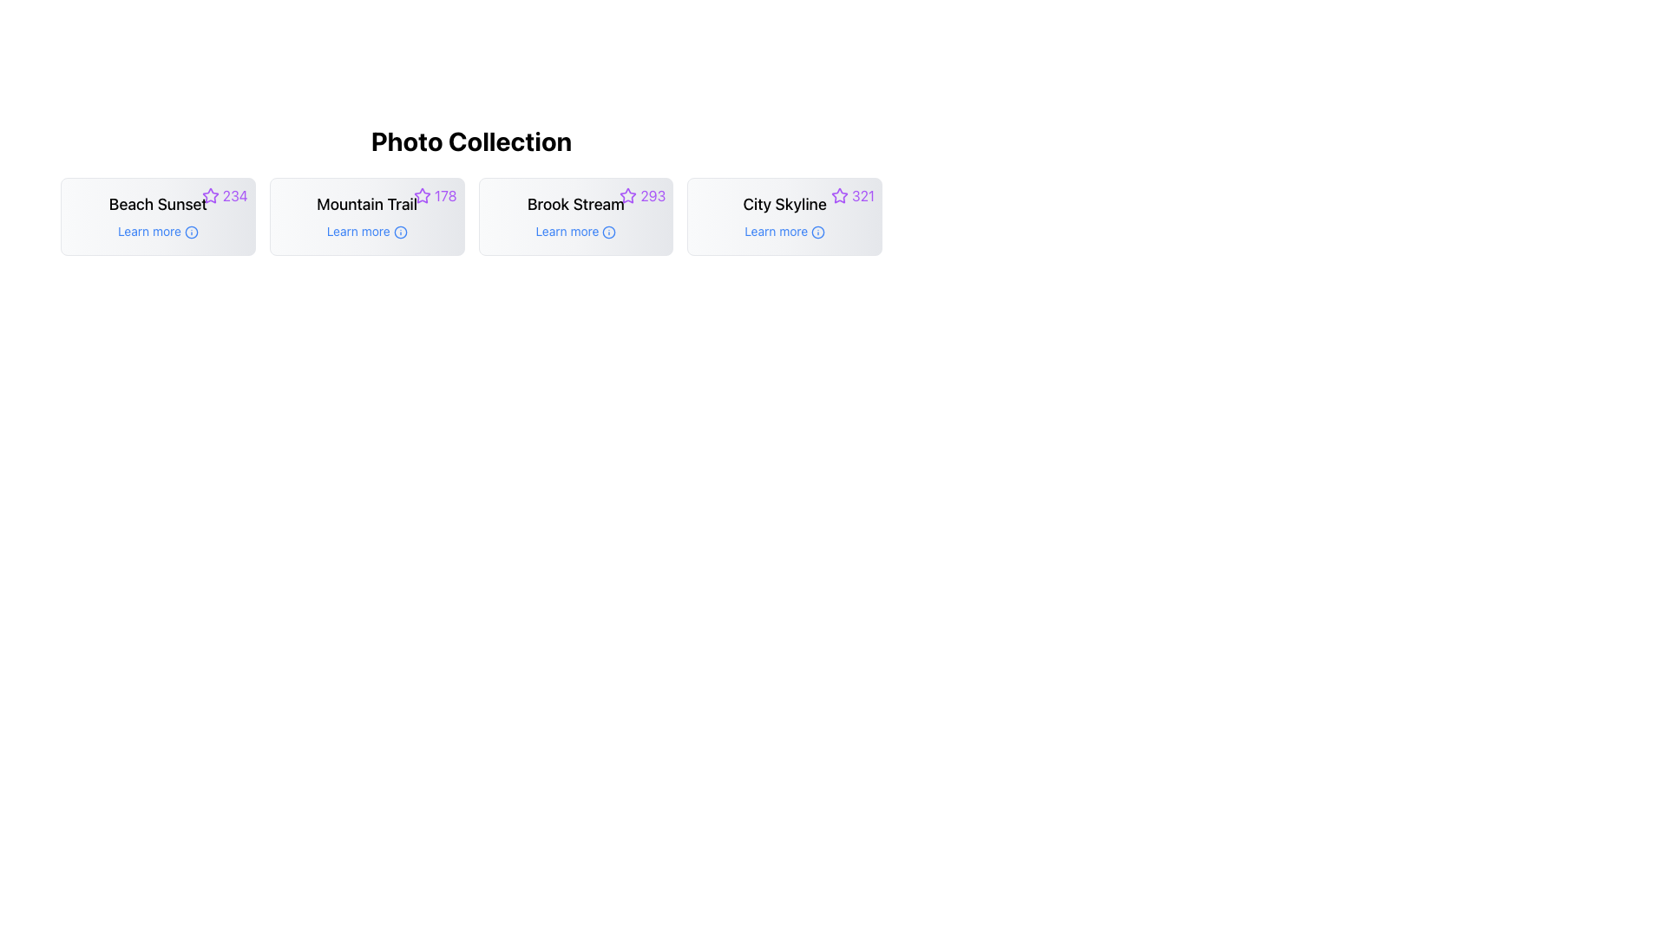  Describe the element at coordinates (158, 230) in the screenshot. I see `the 'Learn more' text label with an information icon` at that location.